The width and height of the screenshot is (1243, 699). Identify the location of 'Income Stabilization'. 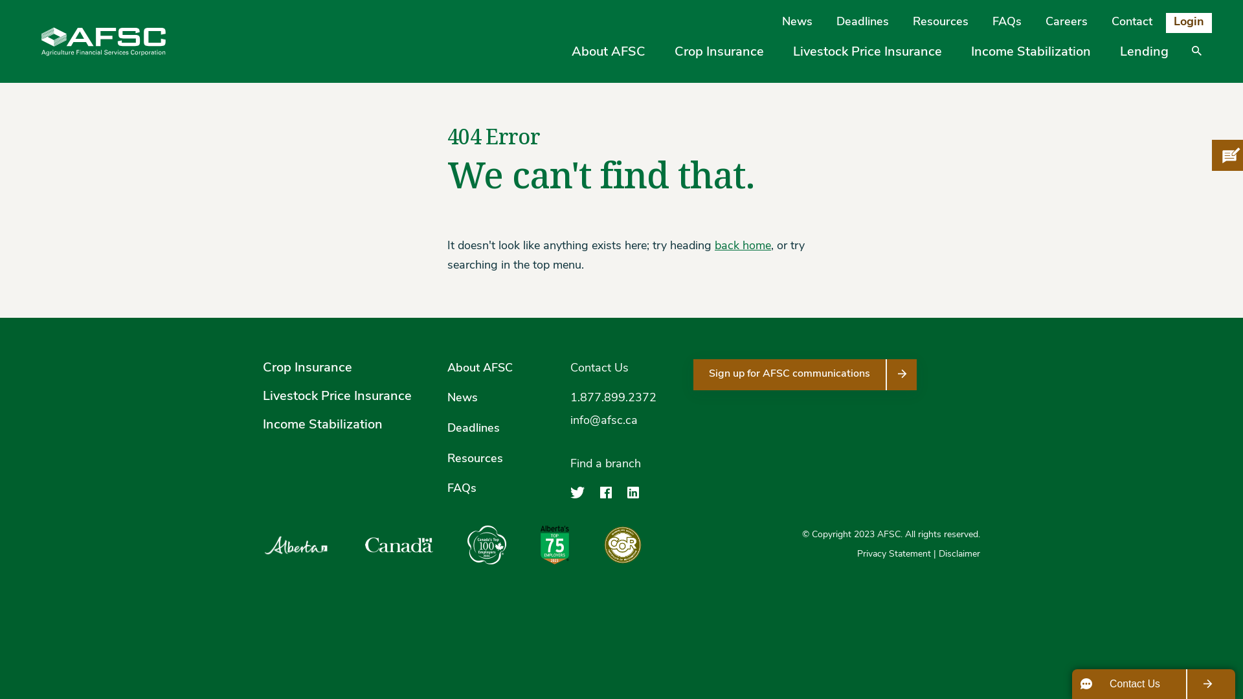
(1030, 52).